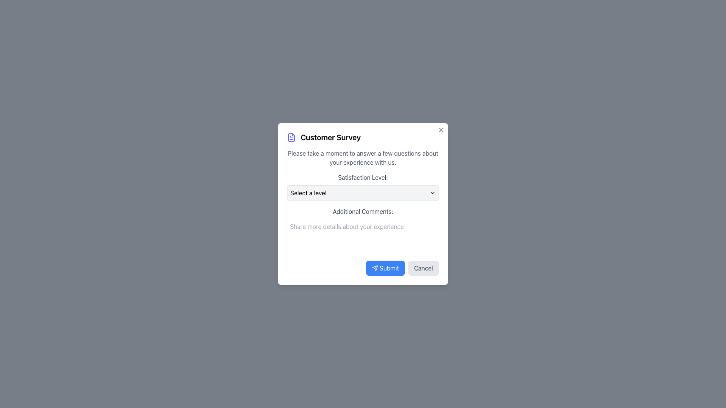 This screenshot has width=726, height=408. What do you see at coordinates (363, 192) in the screenshot?
I see `the dropdown menu in the 'Satisfaction Level' section` at bounding box center [363, 192].